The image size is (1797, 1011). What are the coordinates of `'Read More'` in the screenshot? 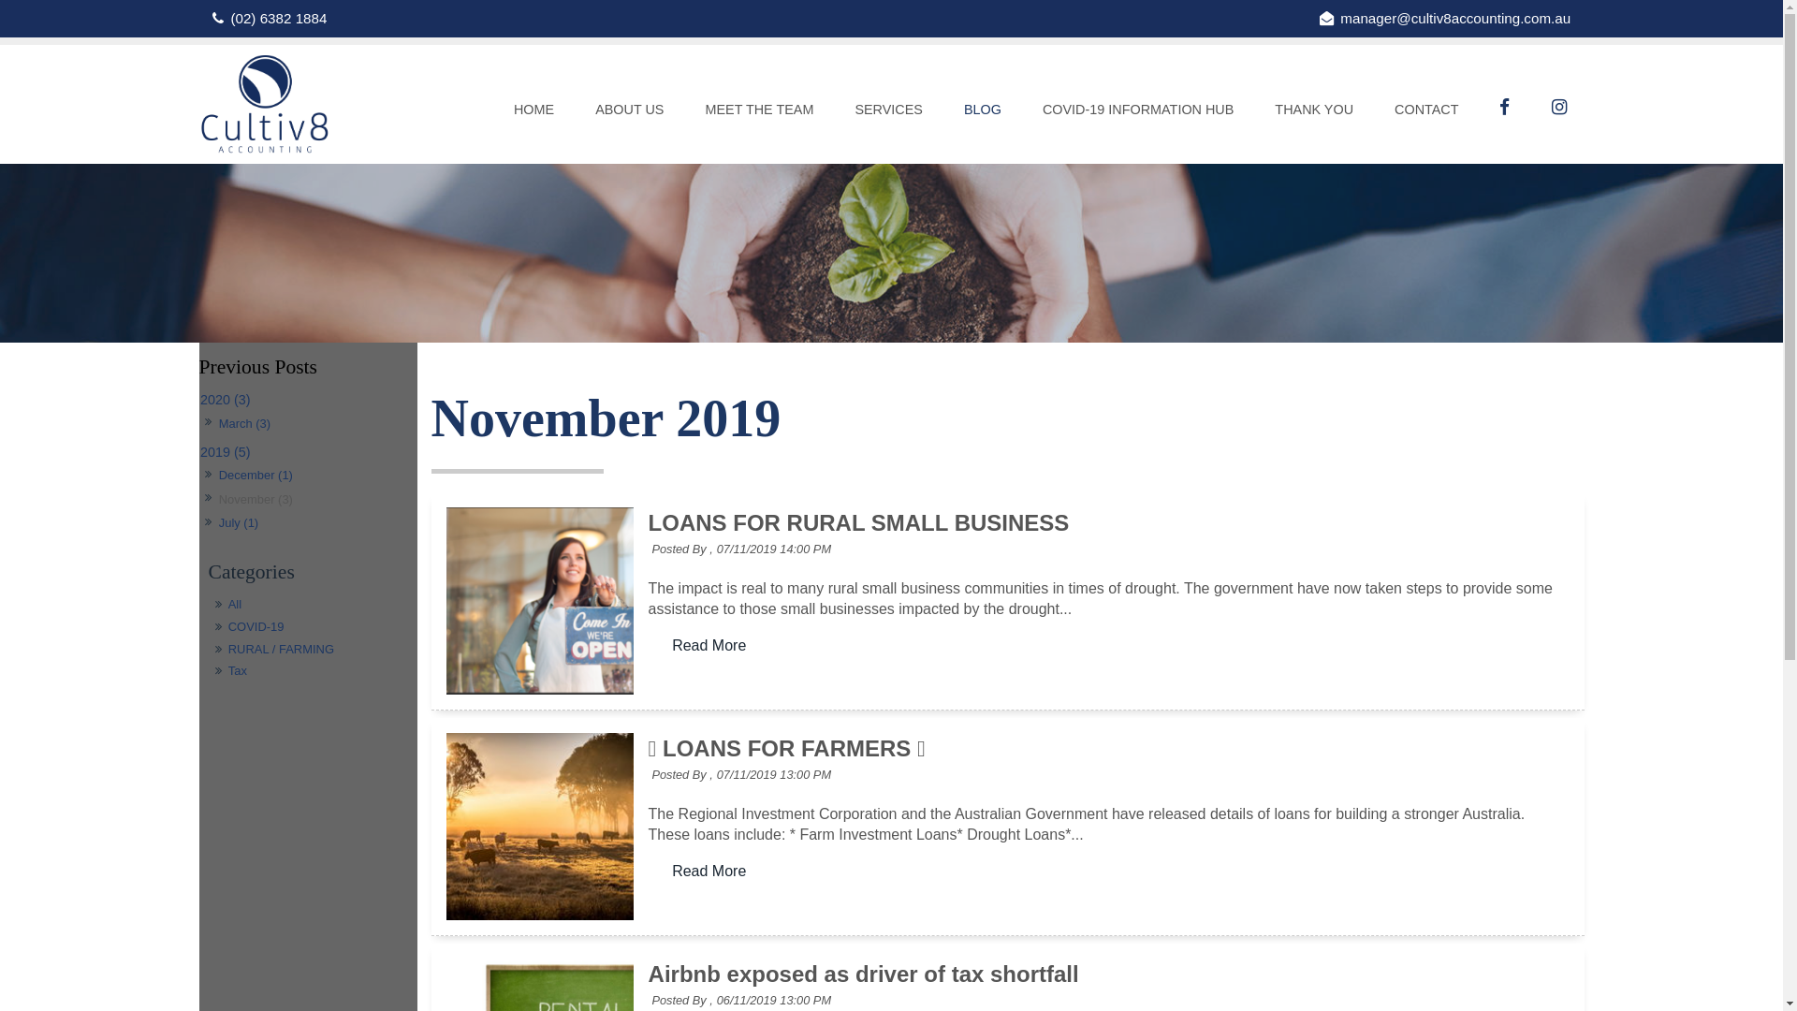 It's located at (708, 871).